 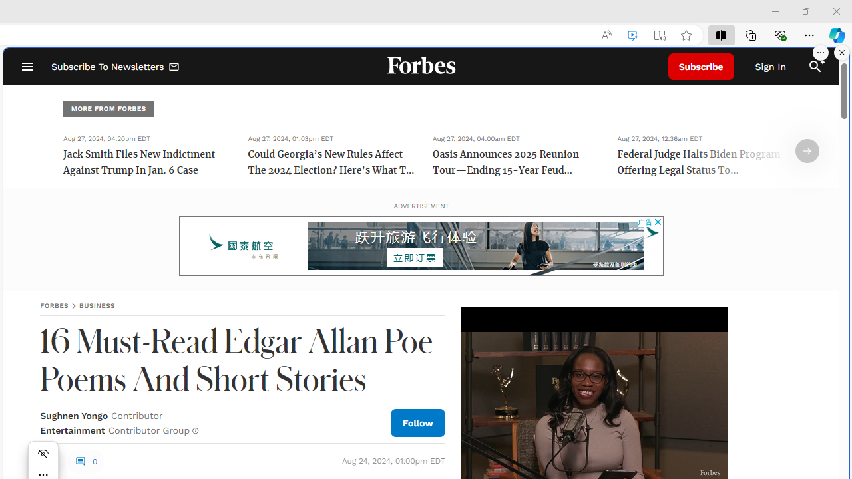 I want to click on 'Class: sparkles_svg__fs-icon sparkles_svg__fs-icon--sparkles', so click(x=820, y=61).